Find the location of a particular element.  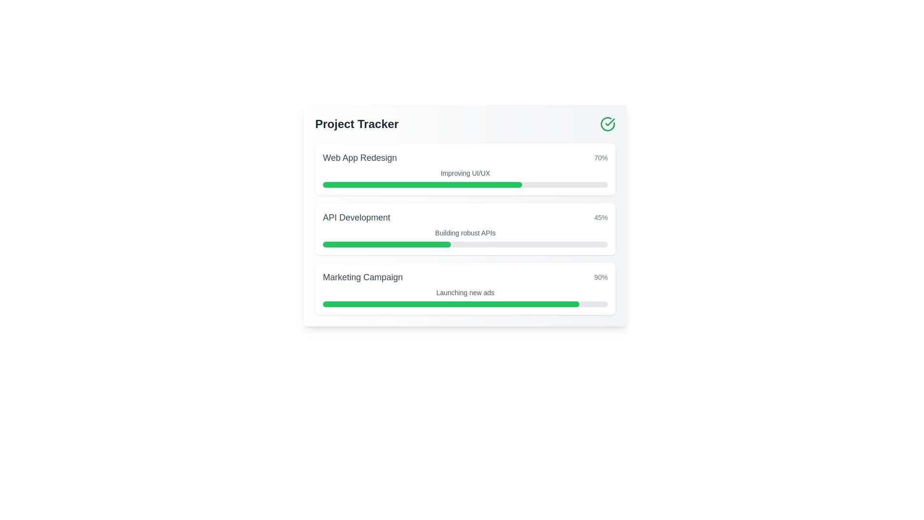

the progress indicated by the horizontal progress bar located in the card titled 'Marketing Campaign', directly below the text 'Launching new ads' is located at coordinates (465, 304).